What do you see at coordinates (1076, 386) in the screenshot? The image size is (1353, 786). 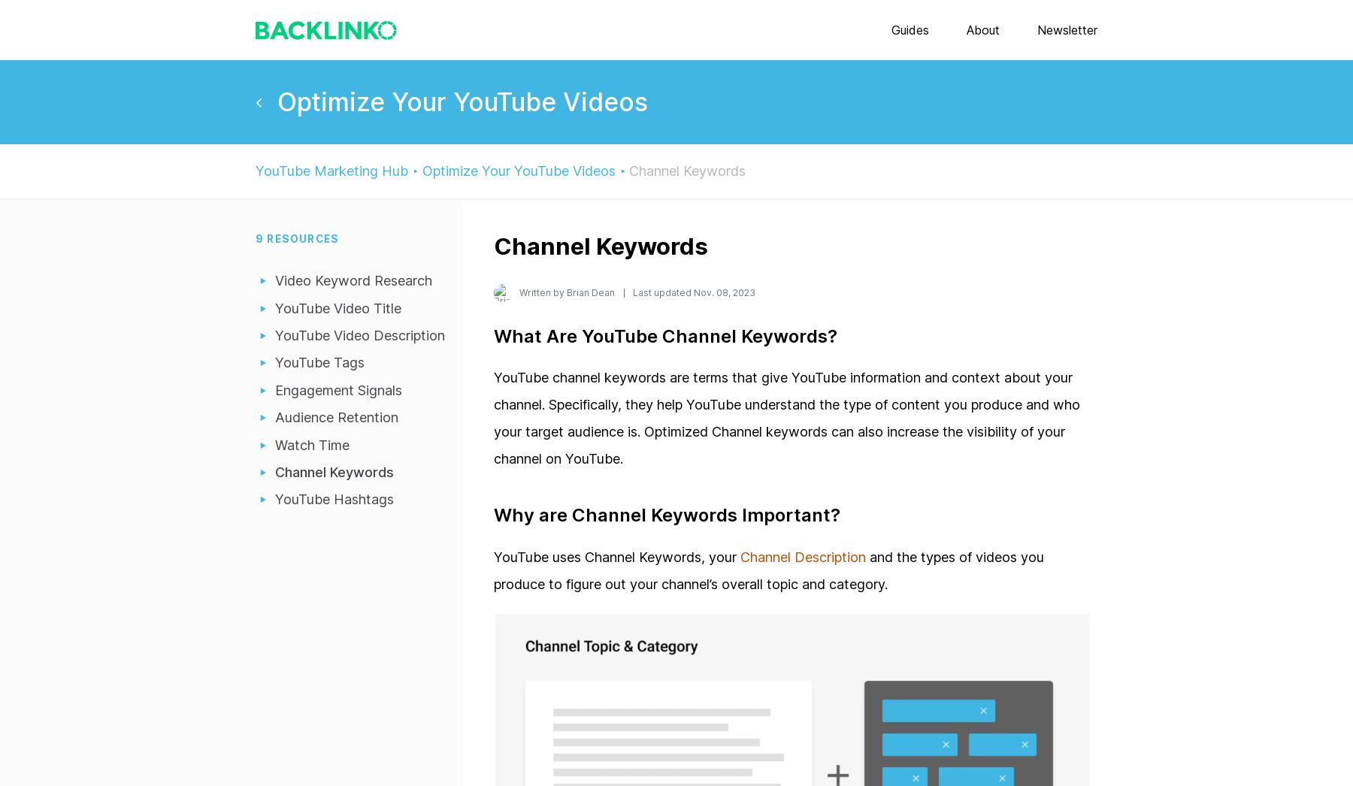 I see `'Best Backlink Checkers'` at bounding box center [1076, 386].